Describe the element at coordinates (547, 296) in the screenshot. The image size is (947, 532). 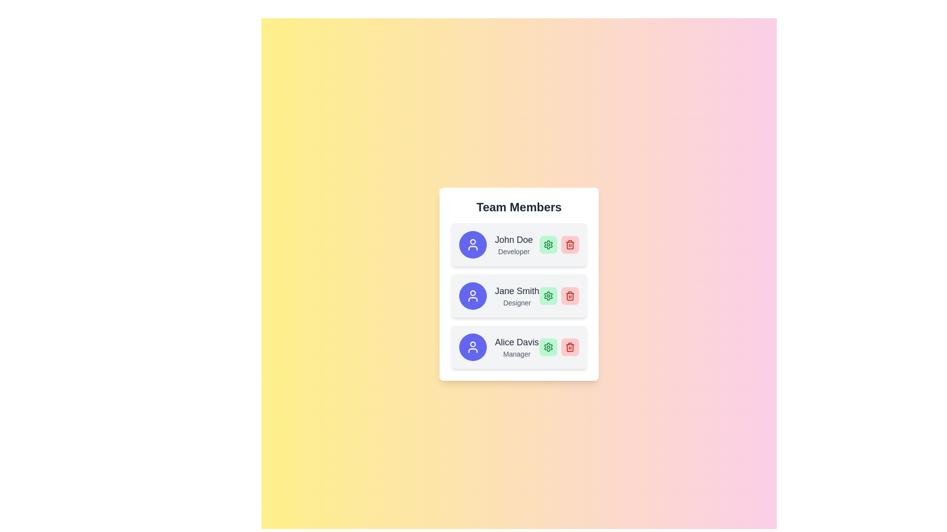
I see `the settings button located to the right of 'Jane Smith' in the 'Team Members' section` at that location.